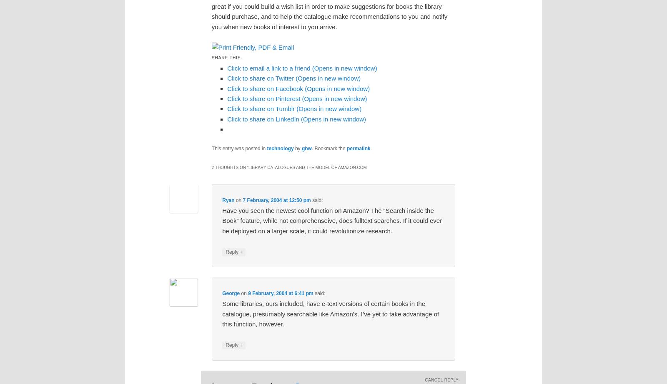  What do you see at coordinates (229, 167) in the screenshot?
I see `'2 thoughts on “'` at bounding box center [229, 167].